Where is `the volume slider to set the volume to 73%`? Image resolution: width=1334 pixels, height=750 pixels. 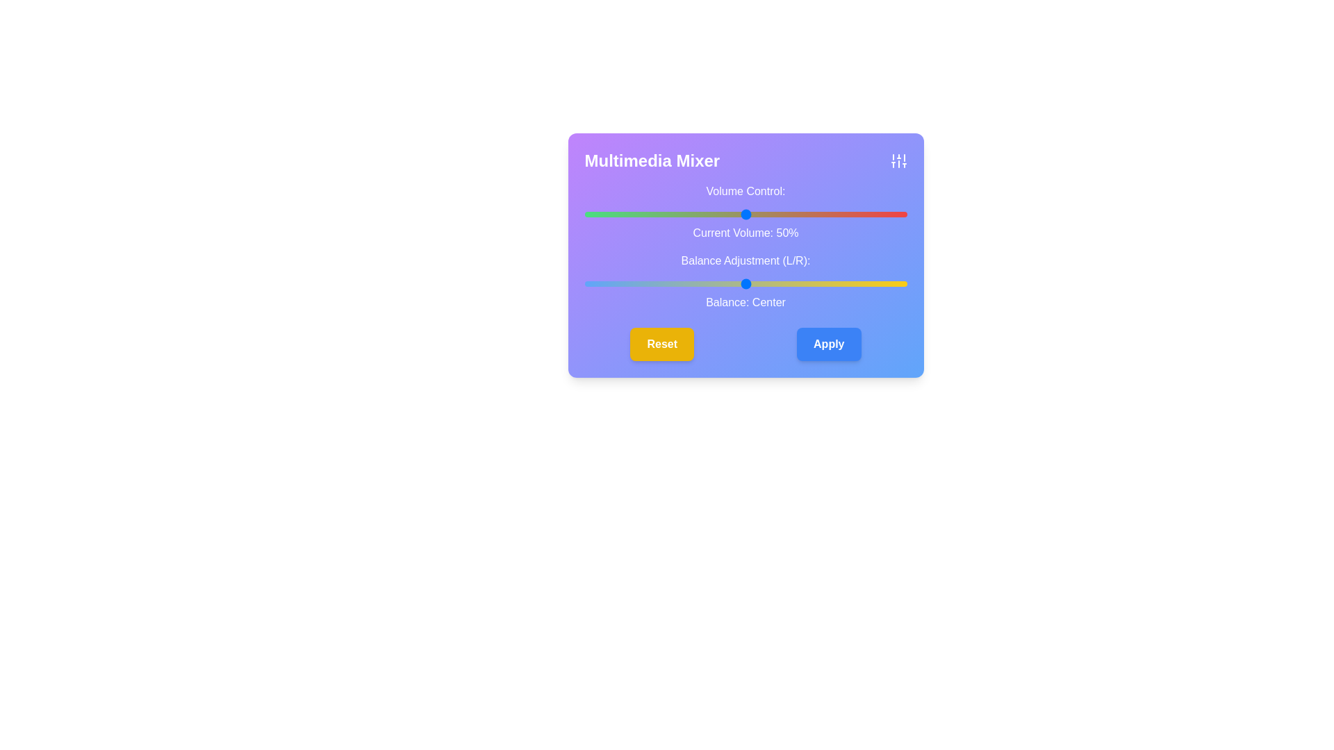
the volume slider to set the volume to 73% is located at coordinates (820, 214).